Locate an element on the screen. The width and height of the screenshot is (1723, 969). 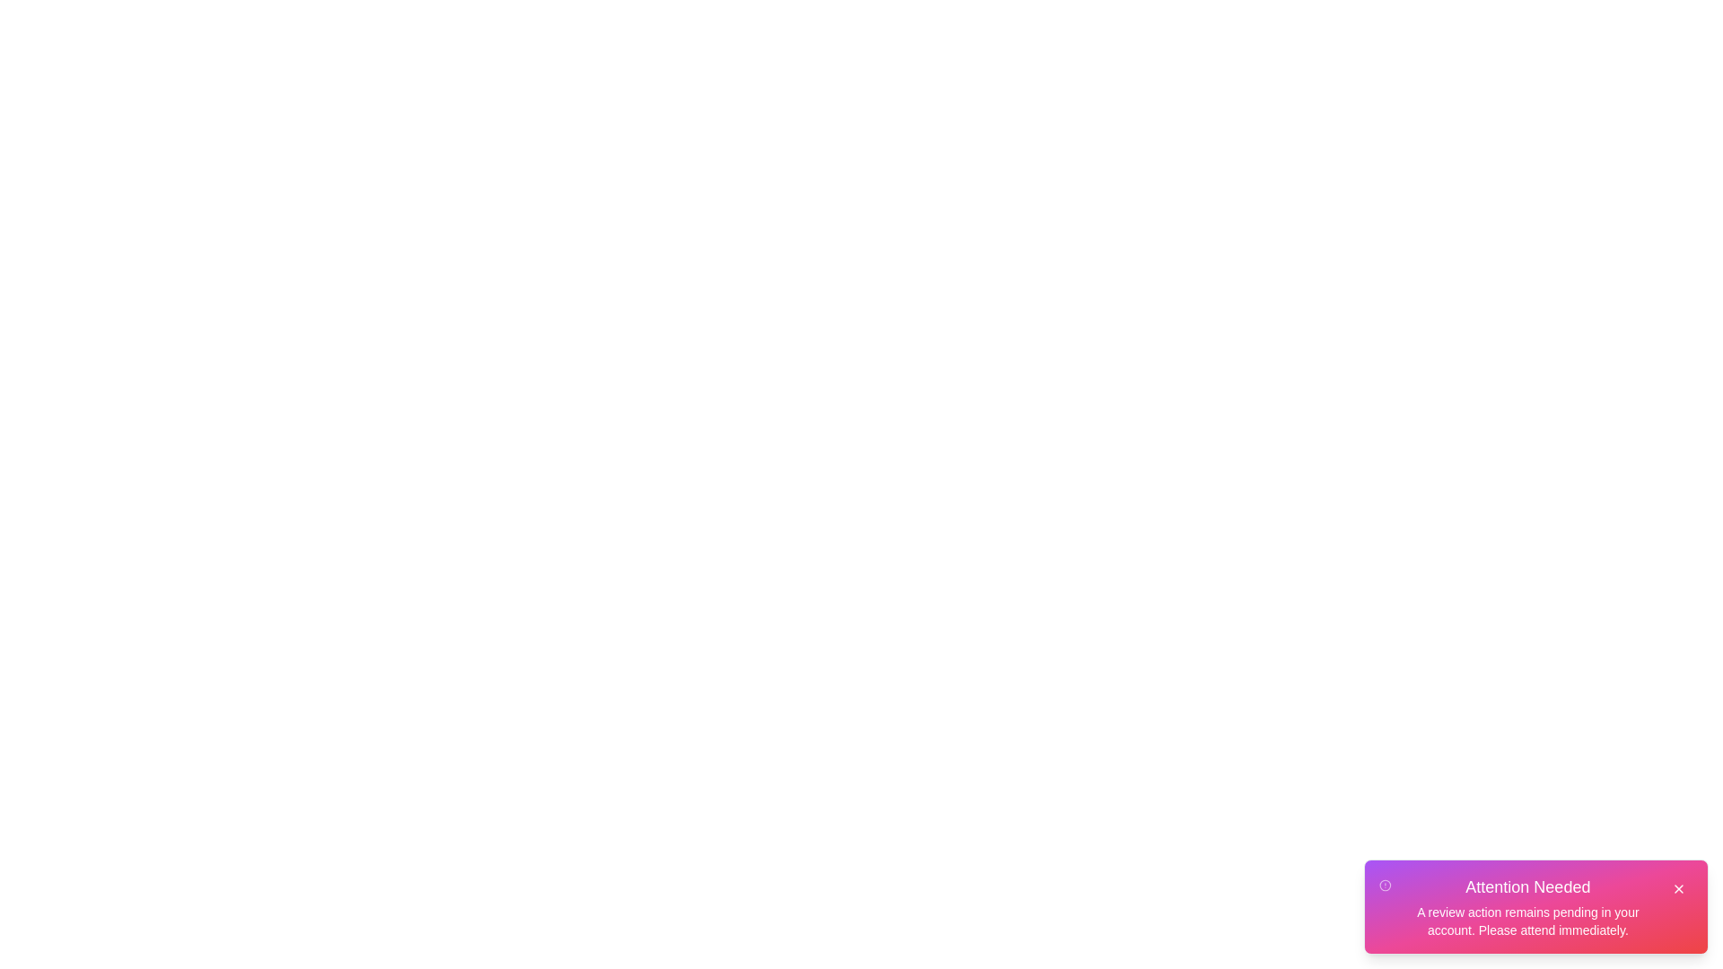
close button on the snackbar to dismiss it is located at coordinates (1678, 889).